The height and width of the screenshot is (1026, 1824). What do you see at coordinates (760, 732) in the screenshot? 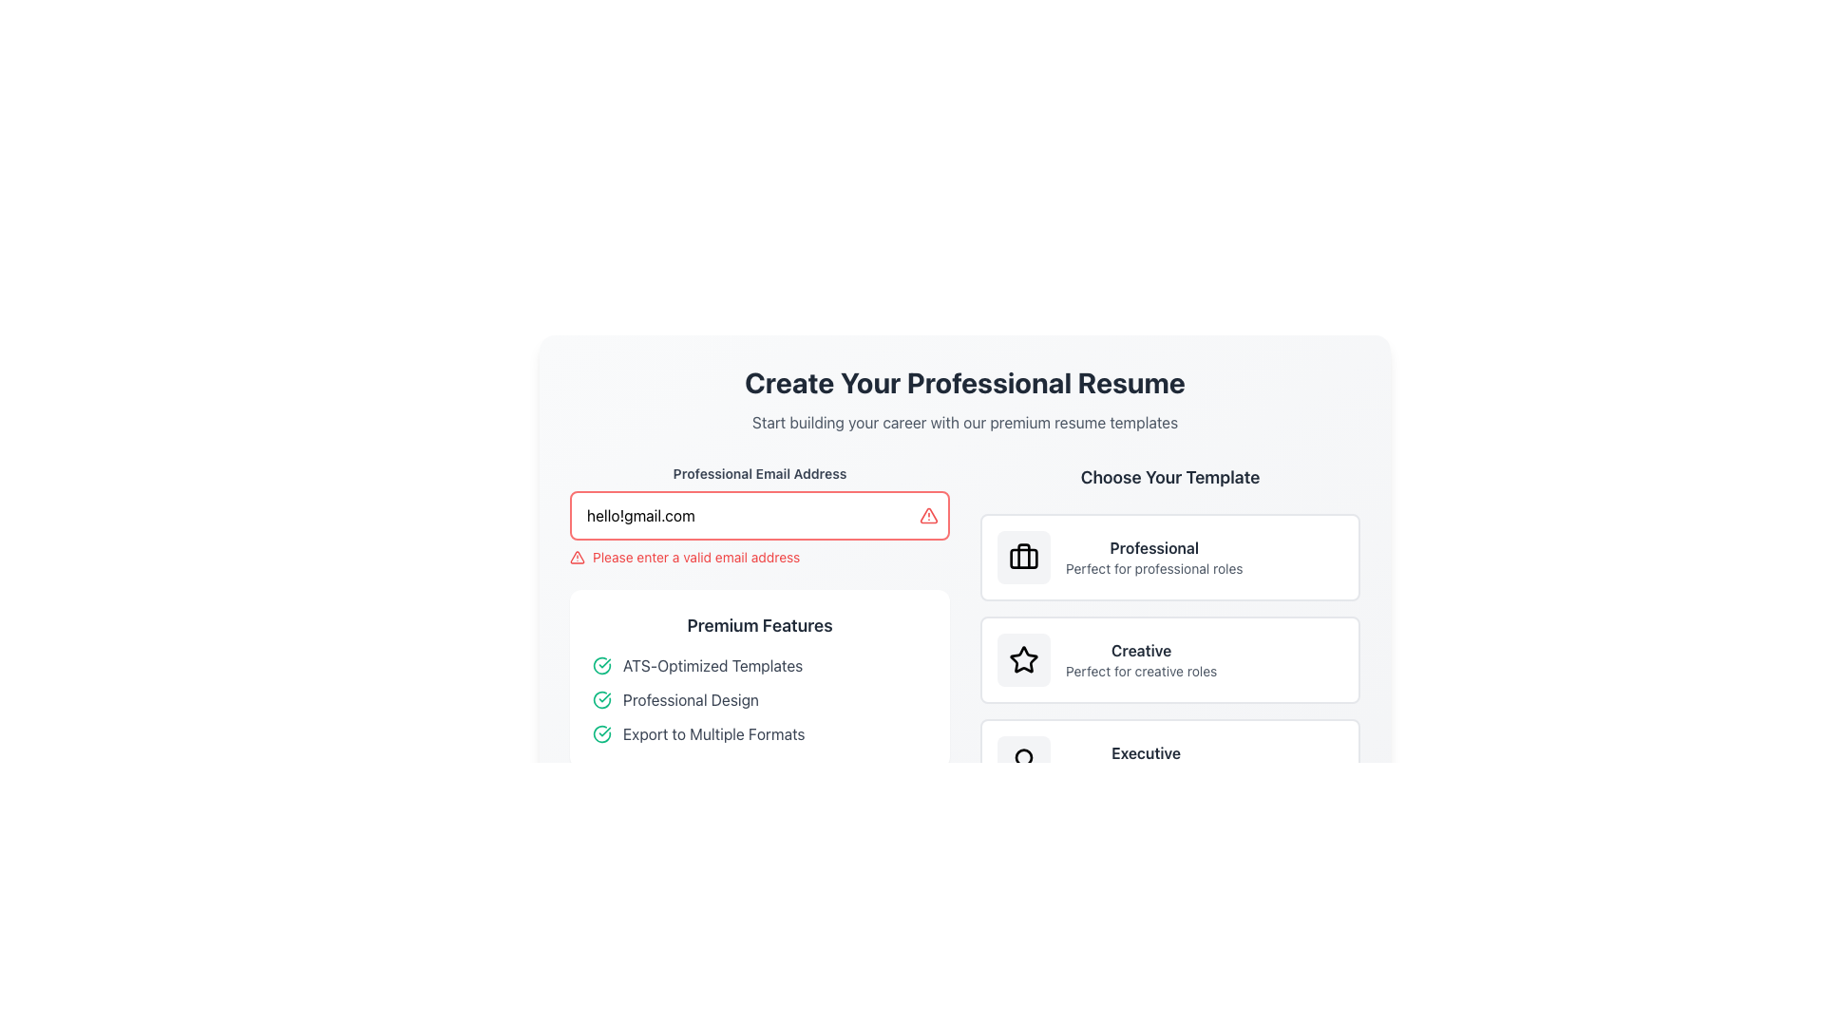
I see `the informational label with the icon indicating 'Export to Multiple Formats' in the 'Premium Features' section, which is the third entry in the list` at bounding box center [760, 732].